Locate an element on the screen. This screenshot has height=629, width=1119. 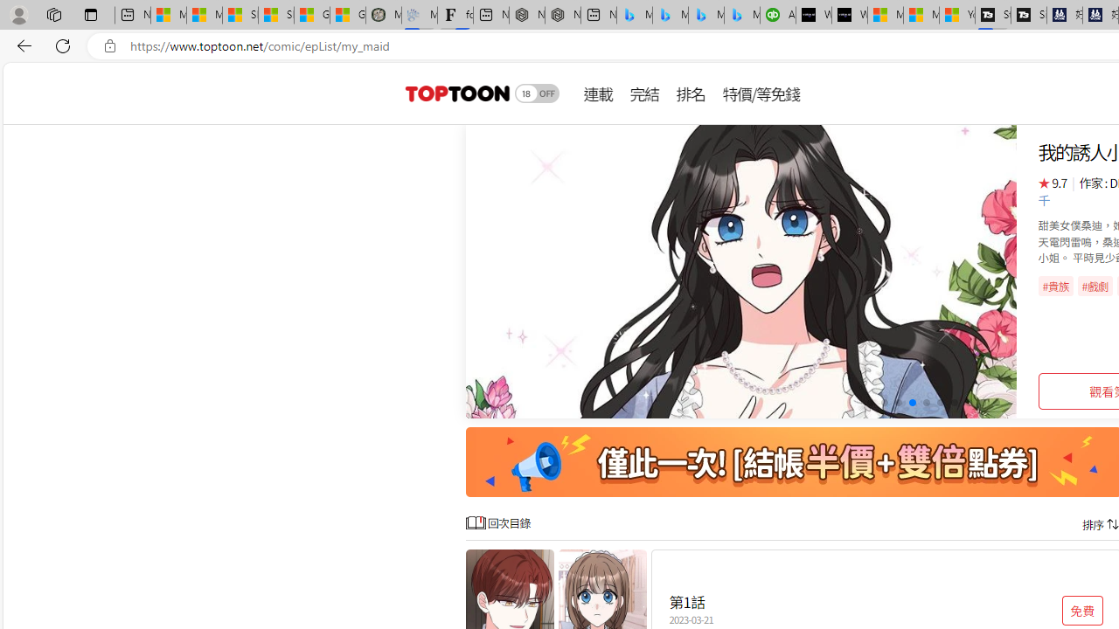
'Class: swiper-slide swiper-slide-prev' is located at coordinates (741, 272).